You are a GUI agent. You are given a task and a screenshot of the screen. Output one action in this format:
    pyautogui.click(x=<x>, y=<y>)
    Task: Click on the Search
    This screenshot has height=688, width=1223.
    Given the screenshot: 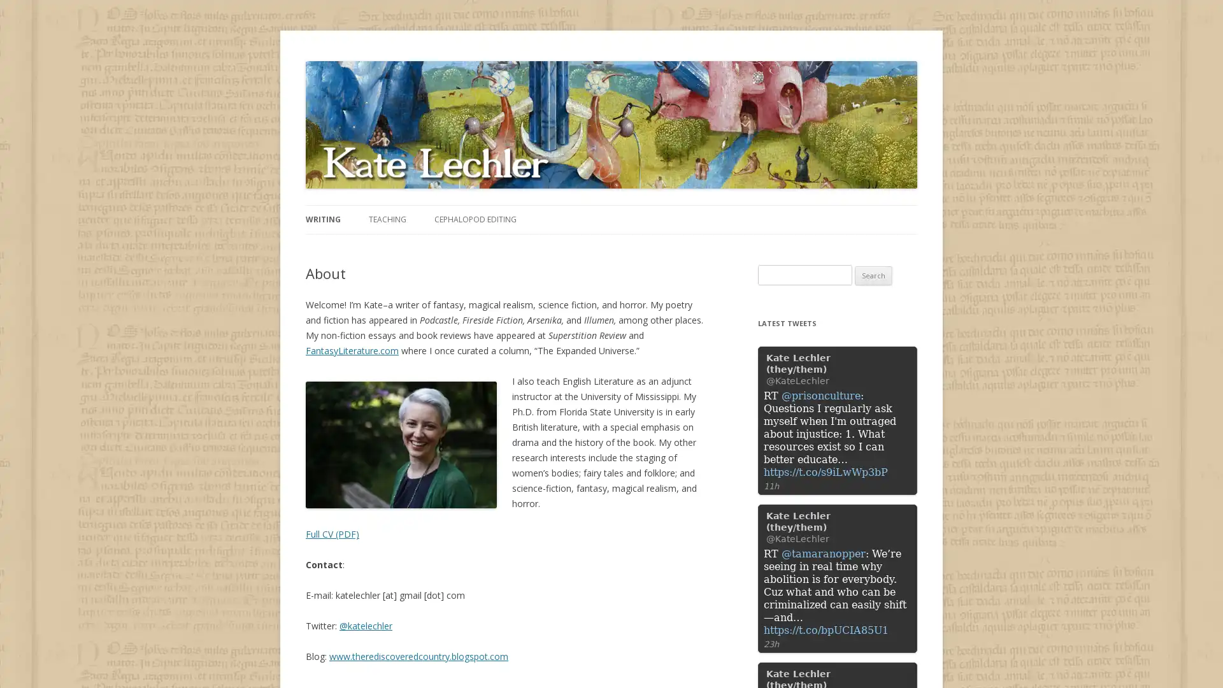 What is the action you would take?
    pyautogui.click(x=873, y=275)
    